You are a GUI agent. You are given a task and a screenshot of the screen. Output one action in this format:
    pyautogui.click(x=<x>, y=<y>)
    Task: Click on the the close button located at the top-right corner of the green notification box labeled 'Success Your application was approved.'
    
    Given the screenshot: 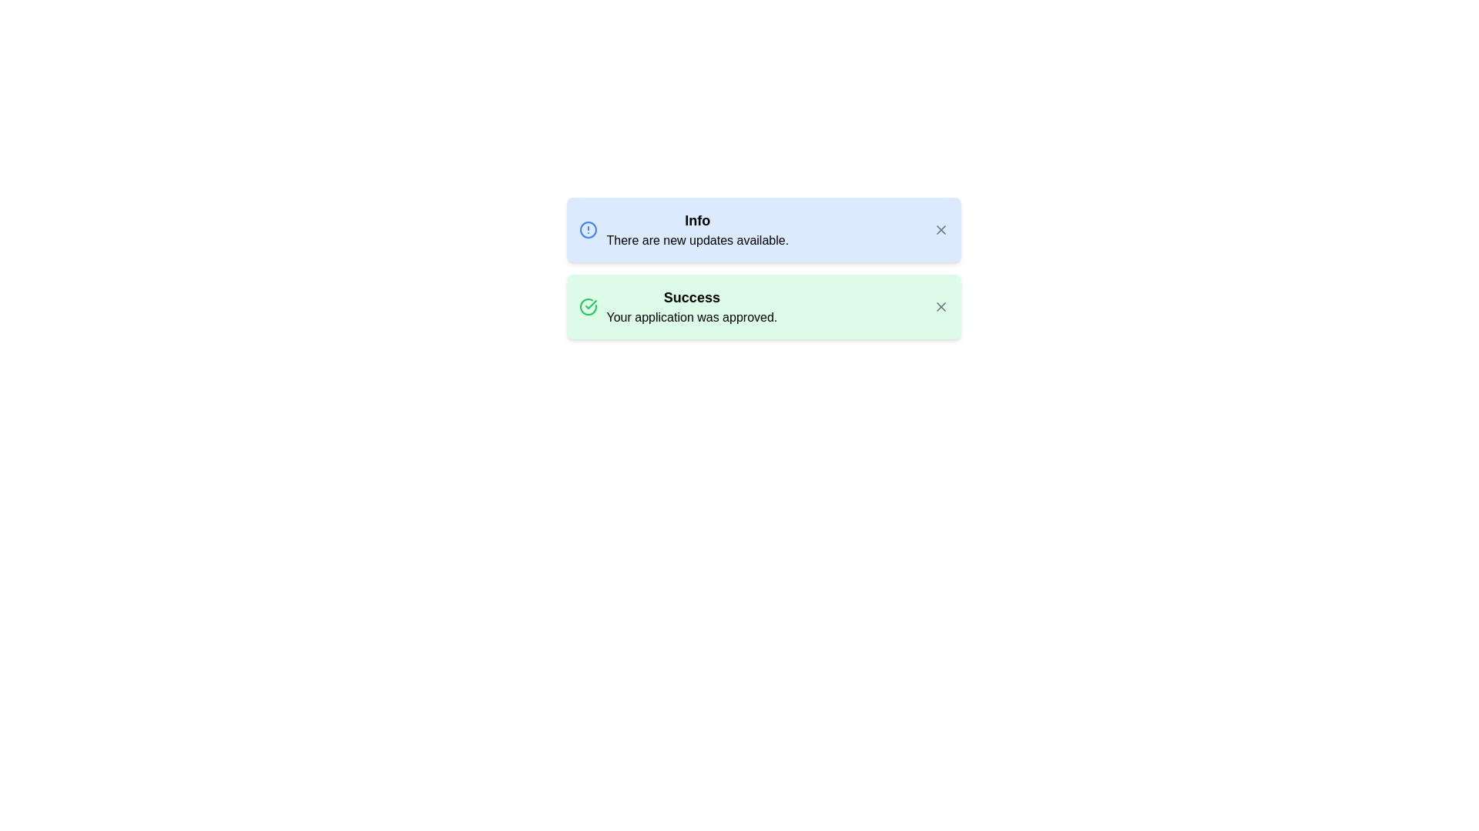 What is the action you would take?
    pyautogui.click(x=940, y=306)
    